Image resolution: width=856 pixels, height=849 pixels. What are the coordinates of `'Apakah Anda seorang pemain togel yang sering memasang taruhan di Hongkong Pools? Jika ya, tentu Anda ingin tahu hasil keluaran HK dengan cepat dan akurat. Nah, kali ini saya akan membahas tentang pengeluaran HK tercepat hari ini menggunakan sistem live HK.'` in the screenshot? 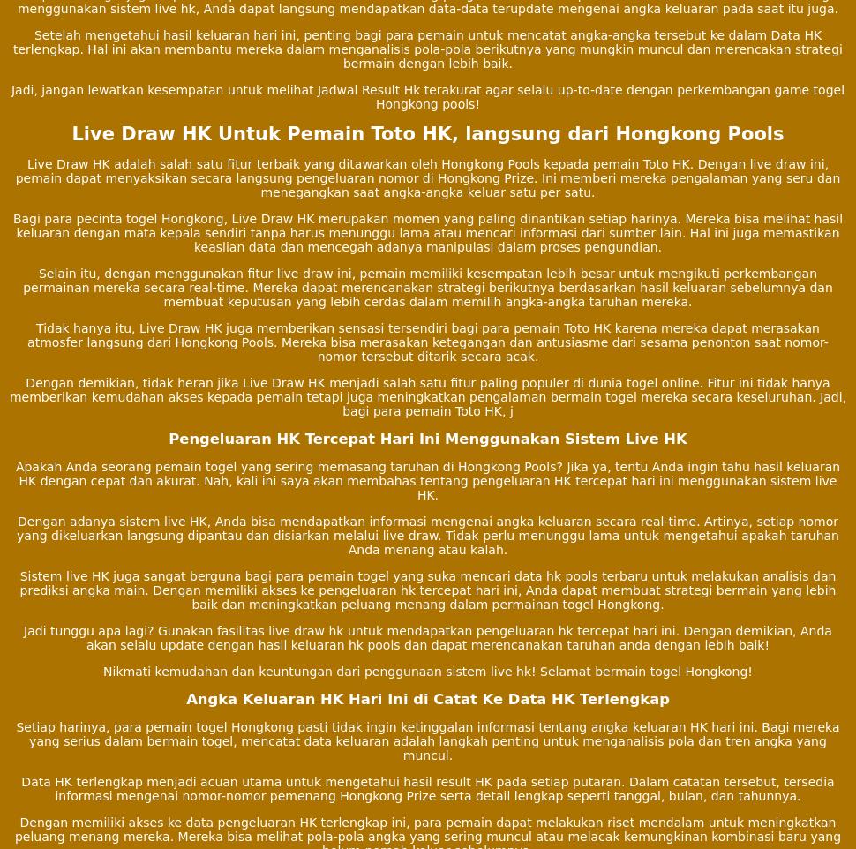 It's located at (426, 480).